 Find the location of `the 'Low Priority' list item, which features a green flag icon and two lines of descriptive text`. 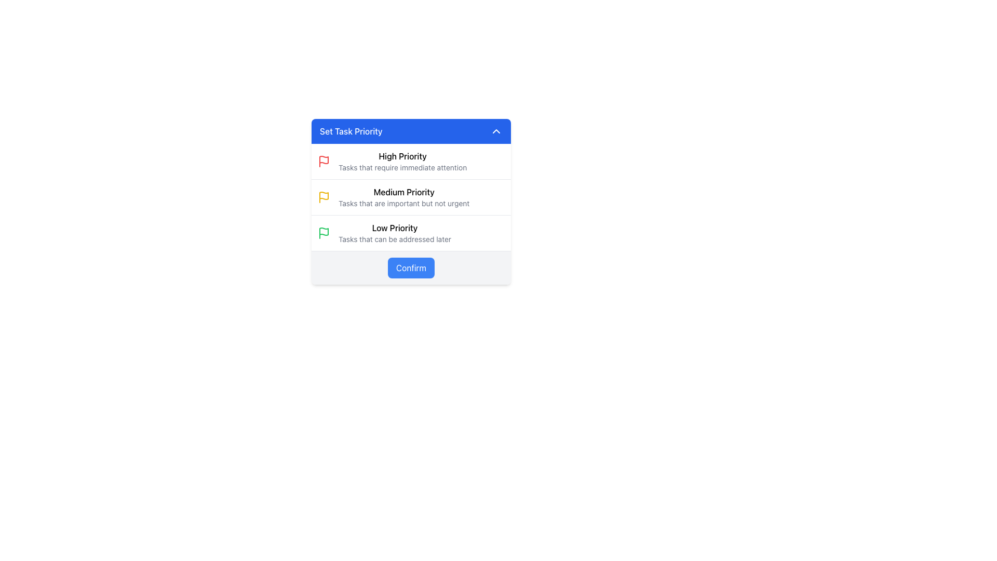

the 'Low Priority' list item, which features a green flag icon and two lines of descriptive text is located at coordinates (411, 232).